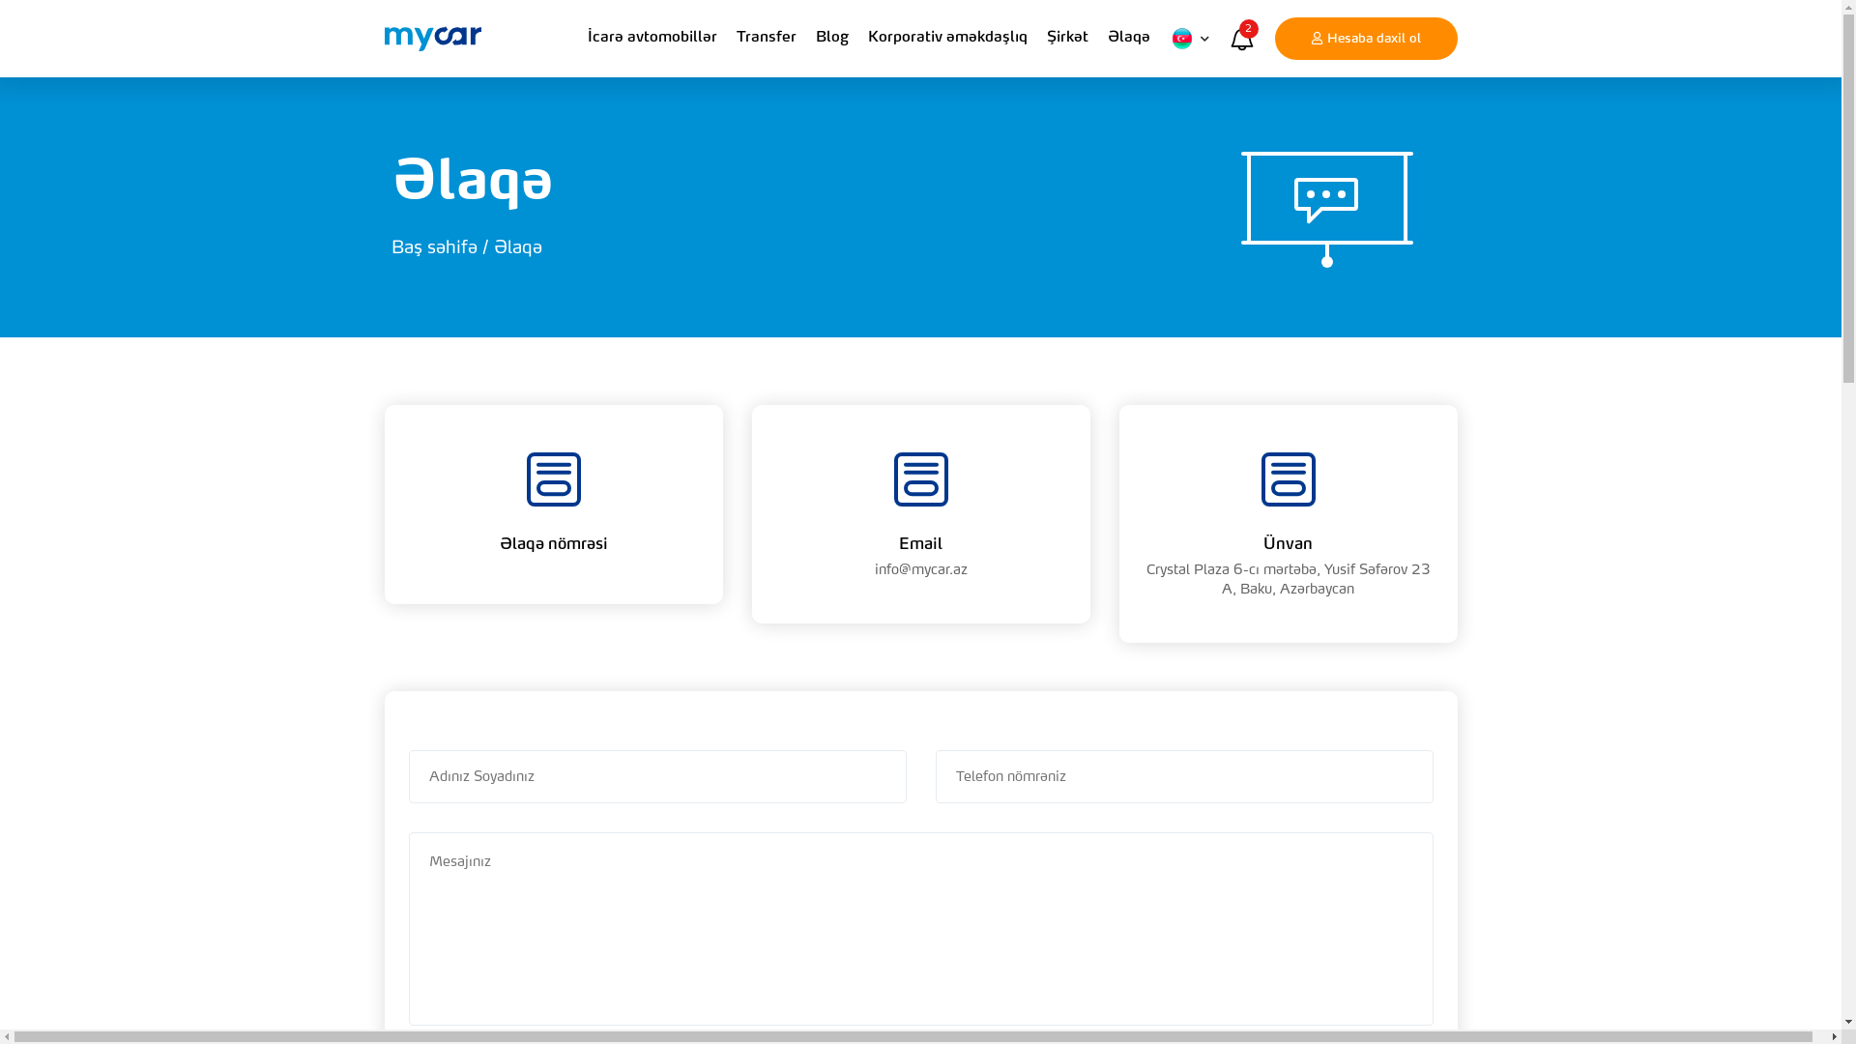 This screenshot has width=1856, height=1044. Describe the element at coordinates (1364, 38) in the screenshot. I see `'Hesaba daxil ol'` at that location.